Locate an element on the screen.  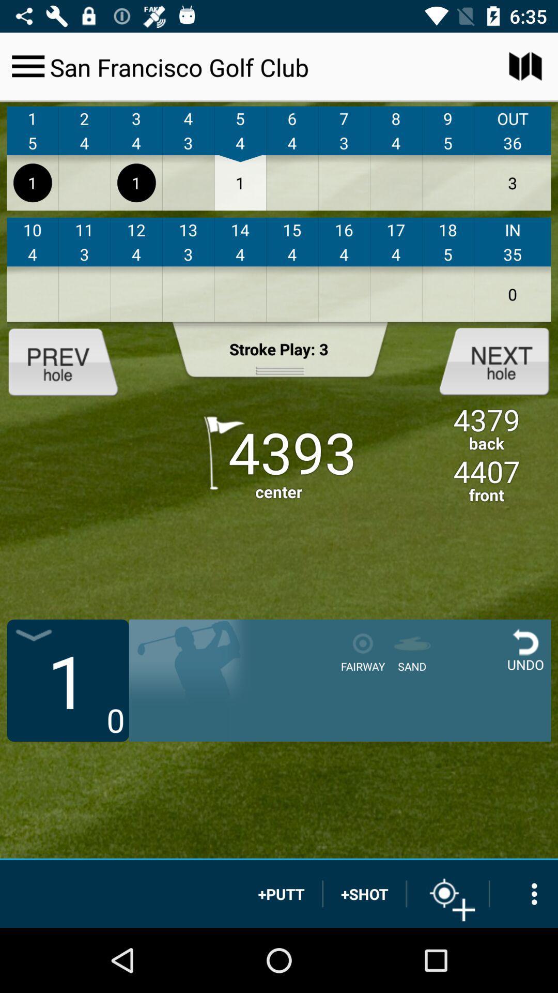
prev hole is located at coordinates (71, 360).